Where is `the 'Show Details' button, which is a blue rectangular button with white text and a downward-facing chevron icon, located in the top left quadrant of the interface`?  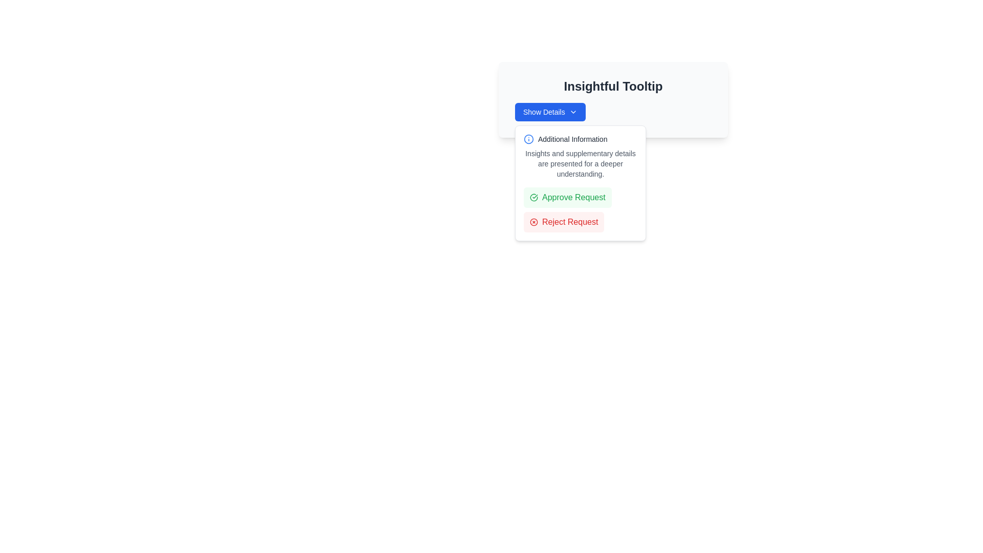
the 'Show Details' button, which is a blue rectangular button with white text and a downward-facing chevron icon, located in the top left quadrant of the interface is located at coordinates (549, 112).